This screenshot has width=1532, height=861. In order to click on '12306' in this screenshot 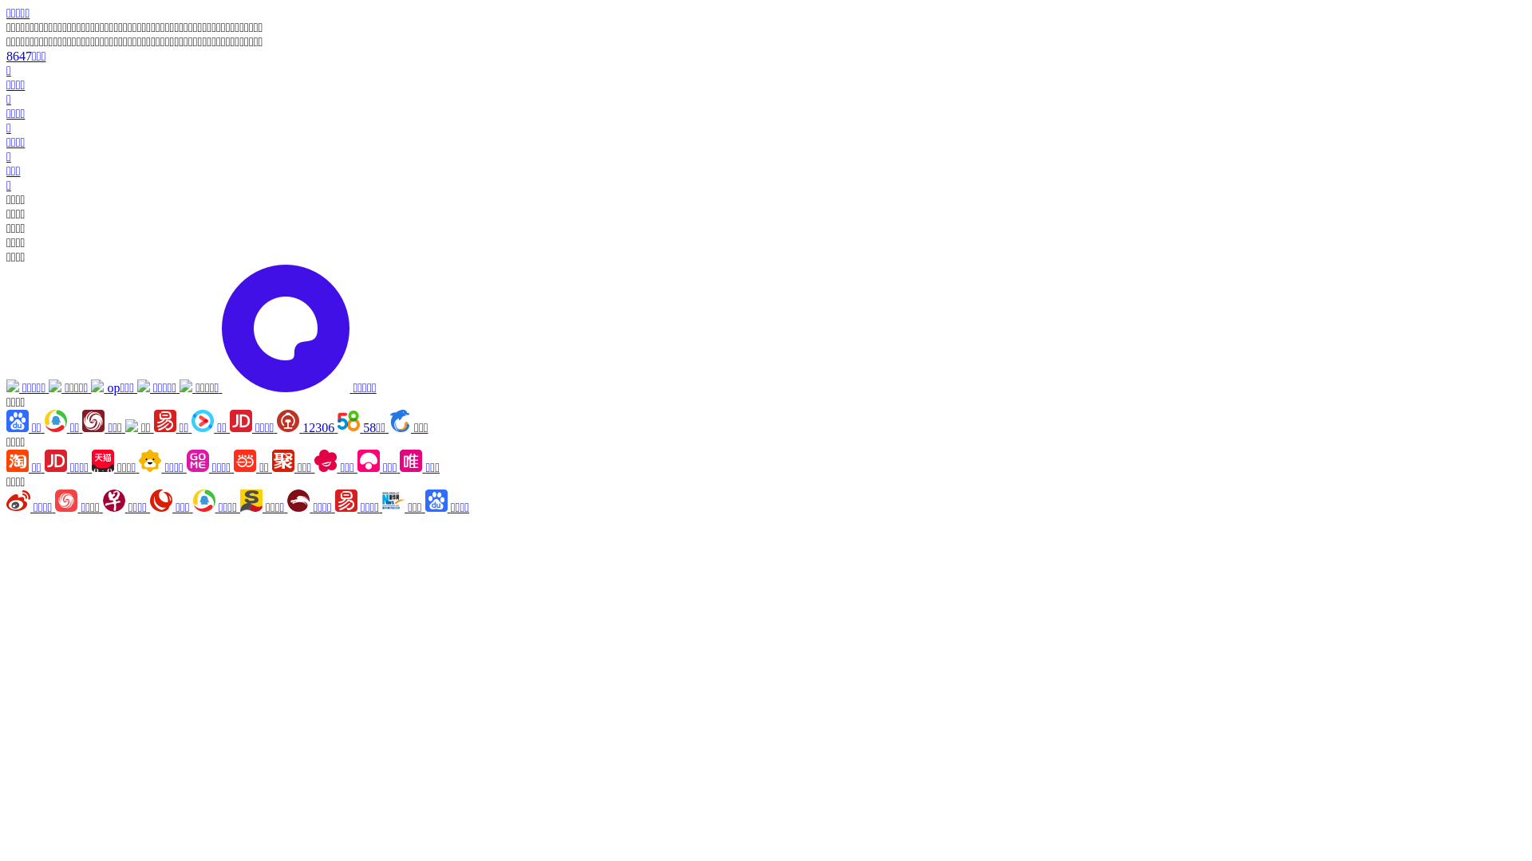, I will do `click(276, 427)`.